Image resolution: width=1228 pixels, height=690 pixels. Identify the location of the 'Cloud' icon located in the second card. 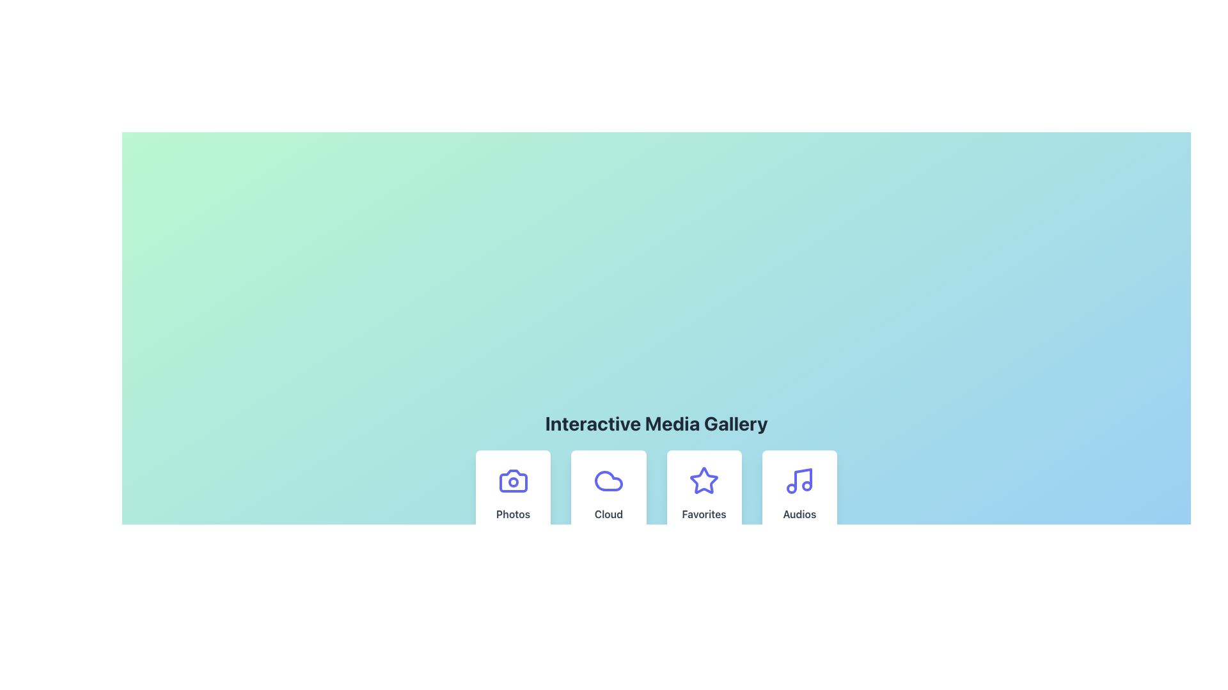
(608, 480).